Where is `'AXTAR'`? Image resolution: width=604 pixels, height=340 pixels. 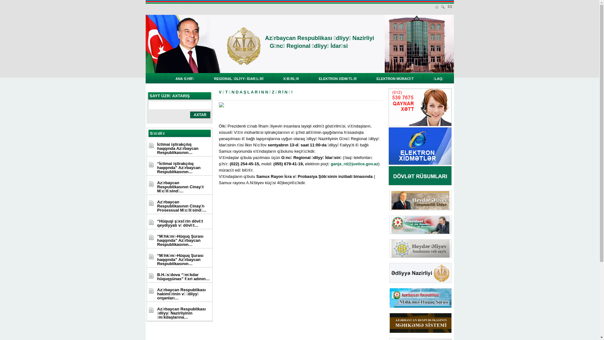 'AXTAR' is located at coordinates (200, 115).